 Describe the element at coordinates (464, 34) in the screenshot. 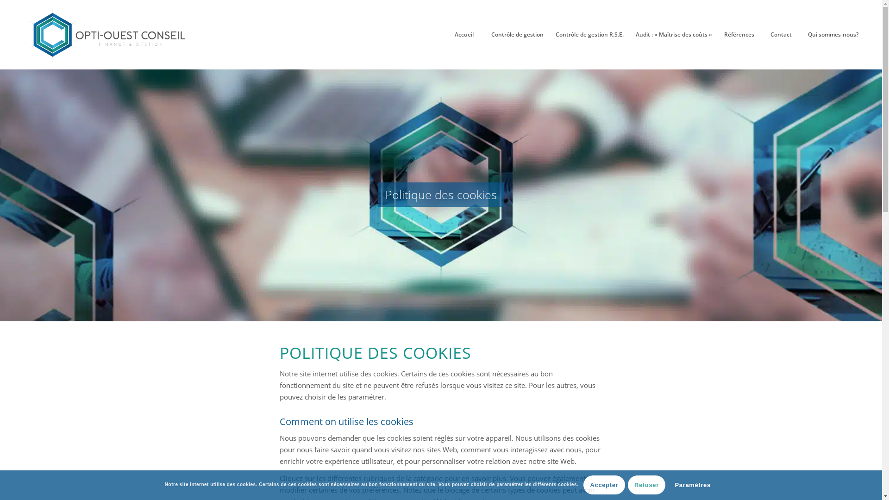

I see `'Accueil'` at that location.